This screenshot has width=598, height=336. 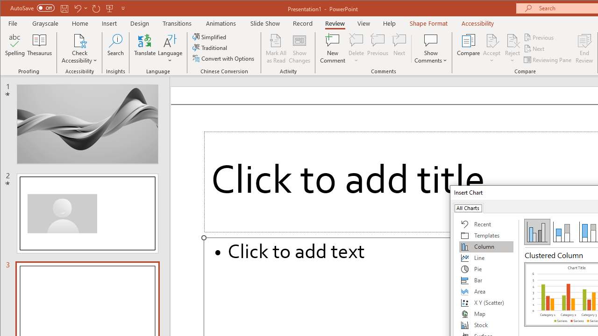 I want to click on 'All Charts', so click(x=468, y=207).